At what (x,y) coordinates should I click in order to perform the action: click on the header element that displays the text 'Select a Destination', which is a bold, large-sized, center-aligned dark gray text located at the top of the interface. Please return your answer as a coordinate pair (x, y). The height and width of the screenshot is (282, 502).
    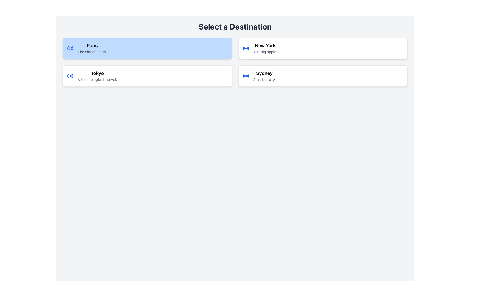
    Looking at the image, I should click on (235, 26).